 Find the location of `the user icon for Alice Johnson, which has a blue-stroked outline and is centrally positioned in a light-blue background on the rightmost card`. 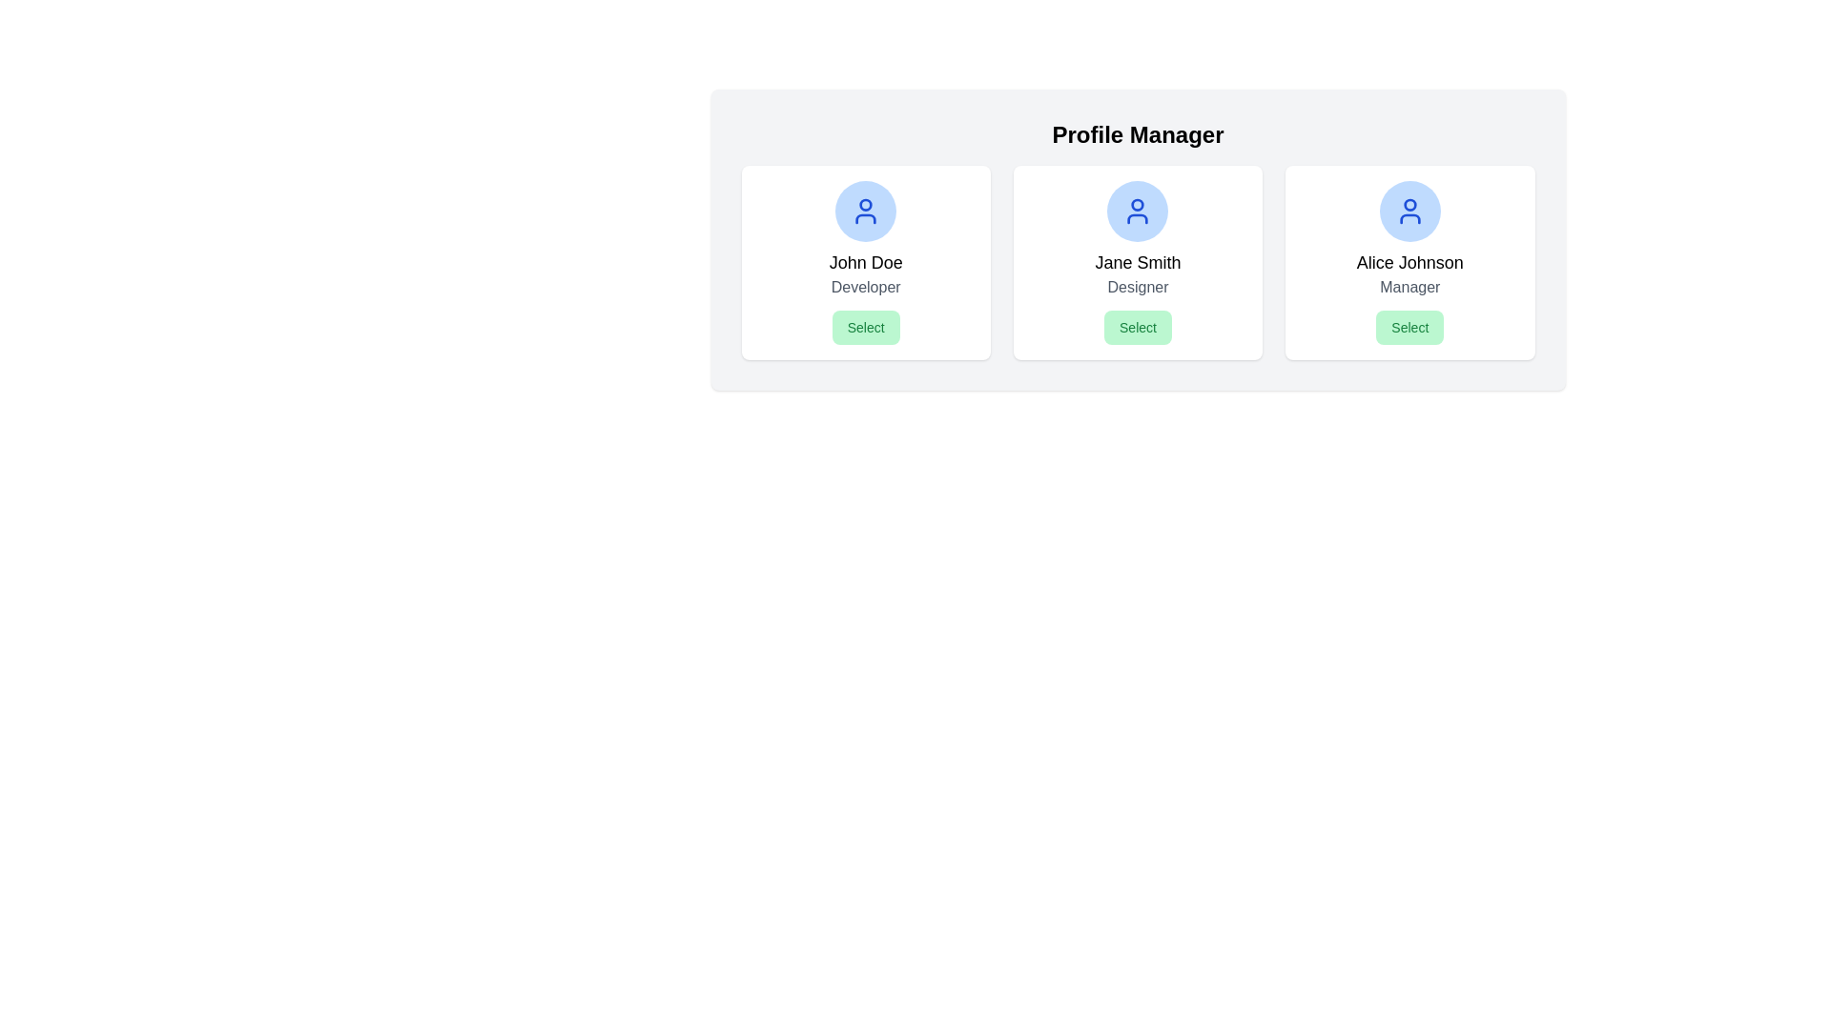

the user icon for Alice Johnson, which has a blue-stroked outline and is centrally positioned in a light-blue background on the rightmost card is located at coordinates (1409, 212).